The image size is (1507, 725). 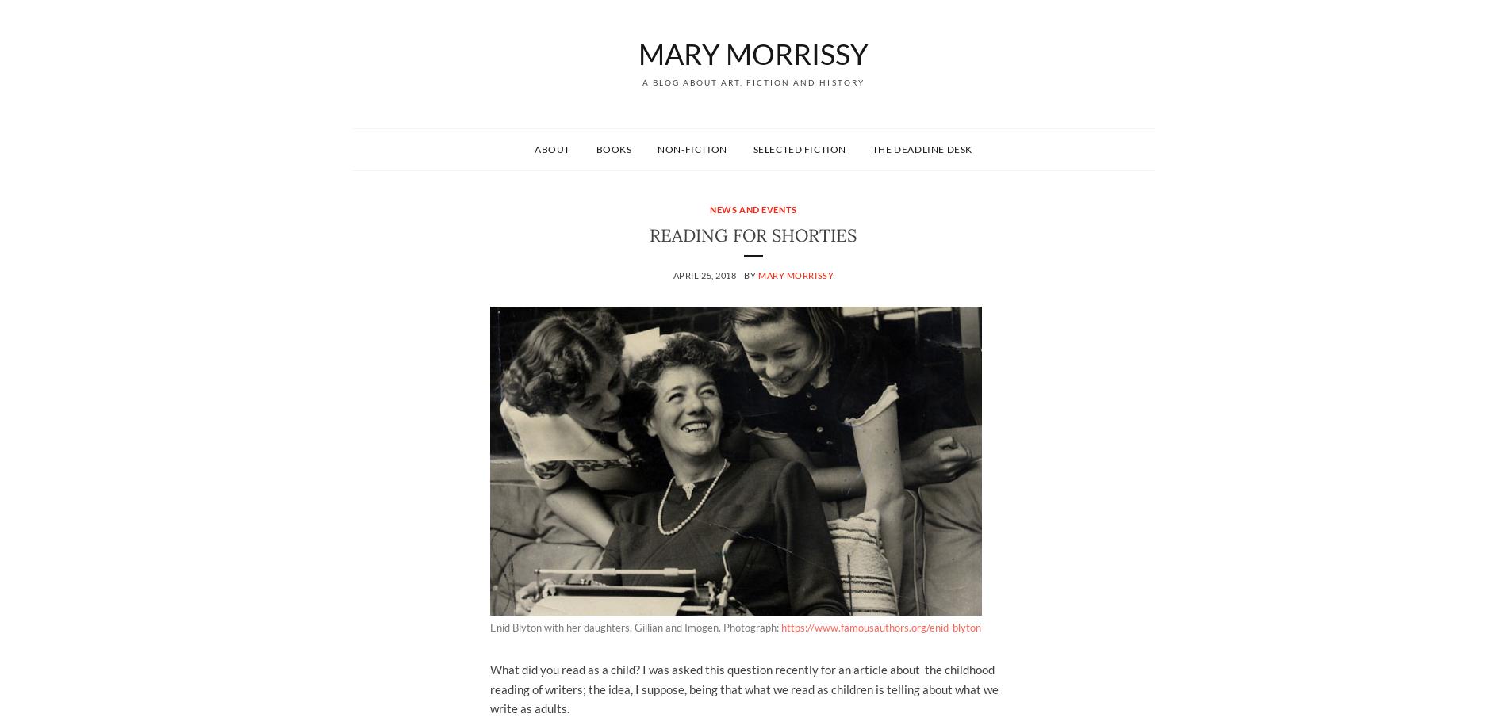 What do you see at coordinates (799, 148) in the screenshot?
I see `'SELECTED FICTION'` at bounding box center [799, 148].